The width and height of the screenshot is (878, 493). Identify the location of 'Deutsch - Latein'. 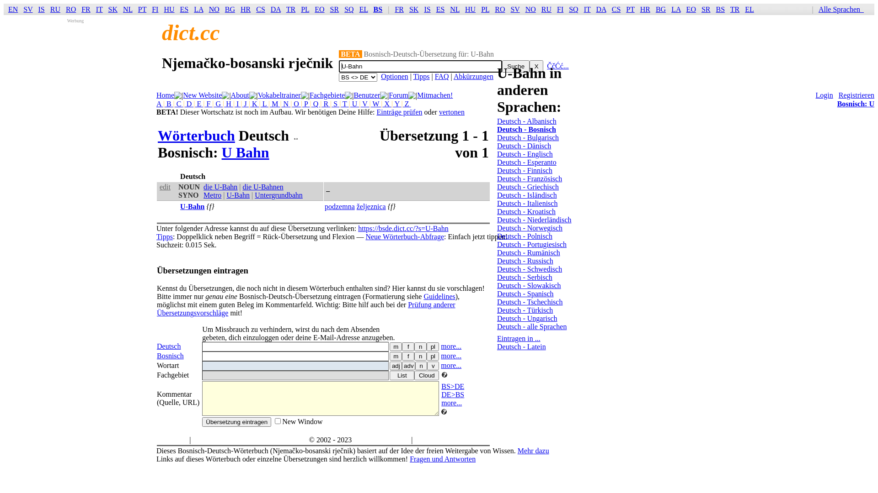
(521, 346).